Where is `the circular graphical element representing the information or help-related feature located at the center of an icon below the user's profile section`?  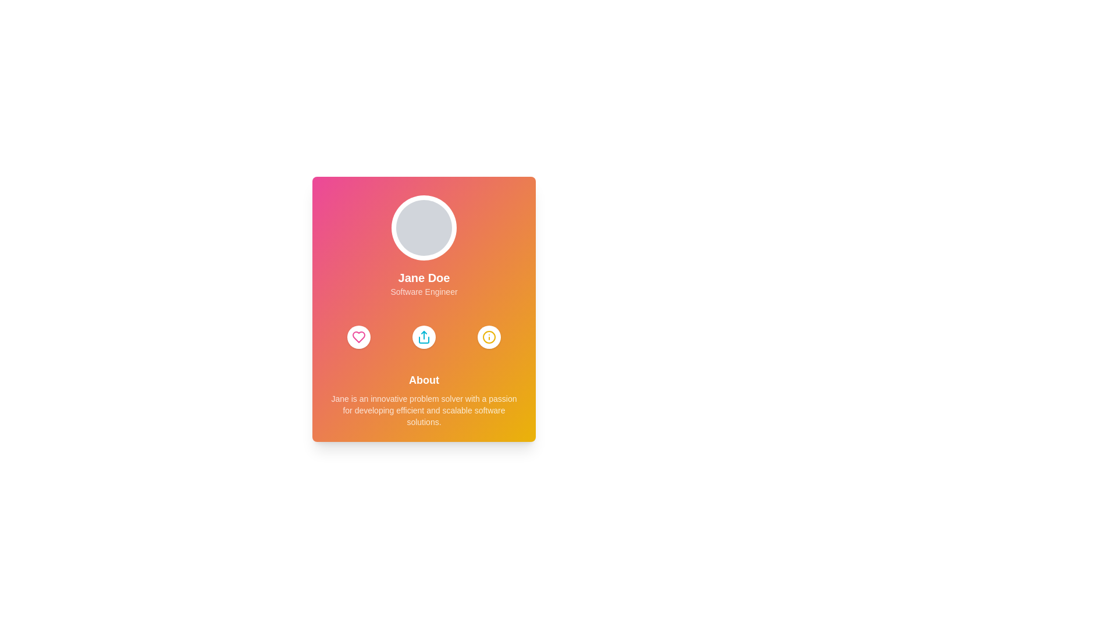
the circular graphical element representing the information or help-related feature located at the center of an icon below the user's profile section is located at coordinates (489, 337).